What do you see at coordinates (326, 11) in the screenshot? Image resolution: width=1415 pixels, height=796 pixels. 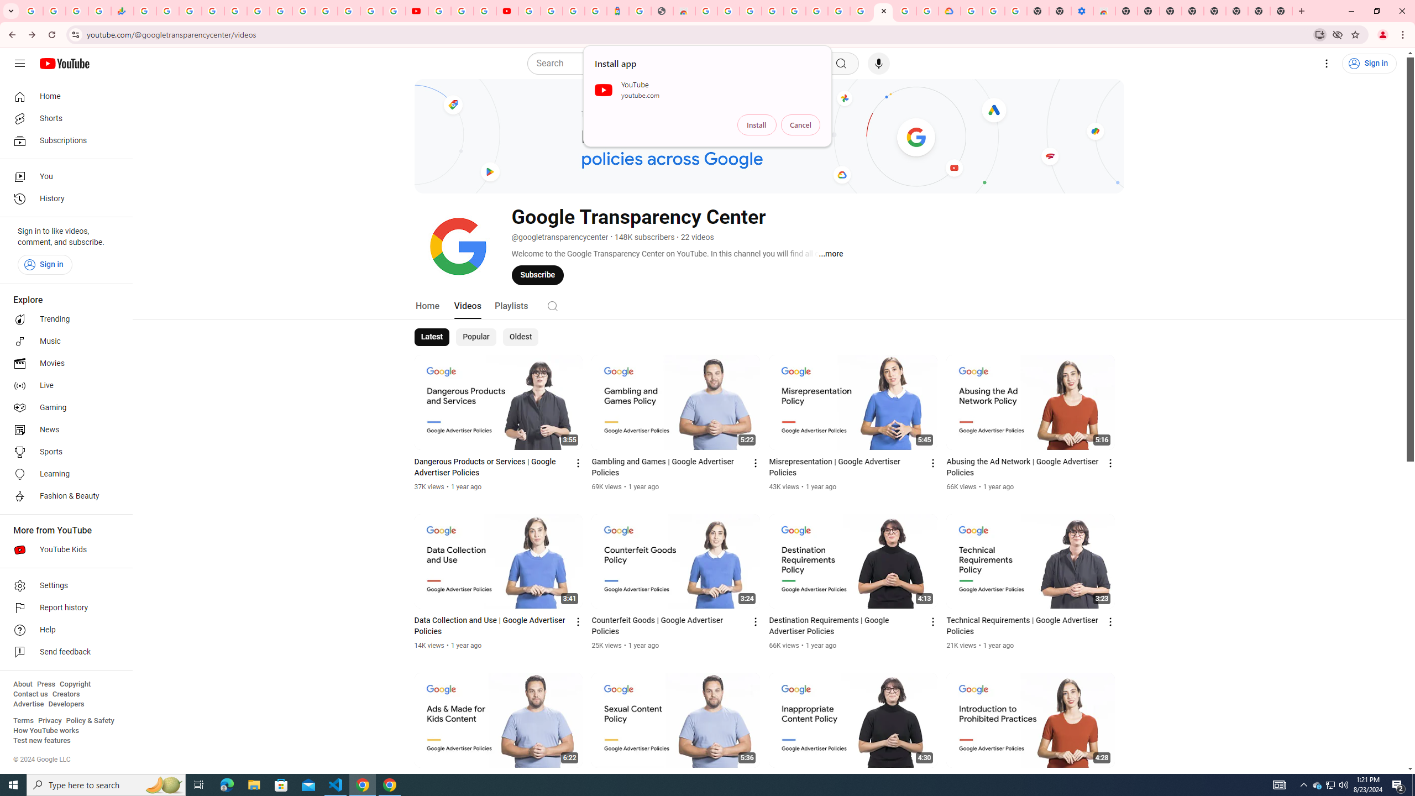 I see `'Sign in - Google Accounts'` at bounding box center [326, 11].